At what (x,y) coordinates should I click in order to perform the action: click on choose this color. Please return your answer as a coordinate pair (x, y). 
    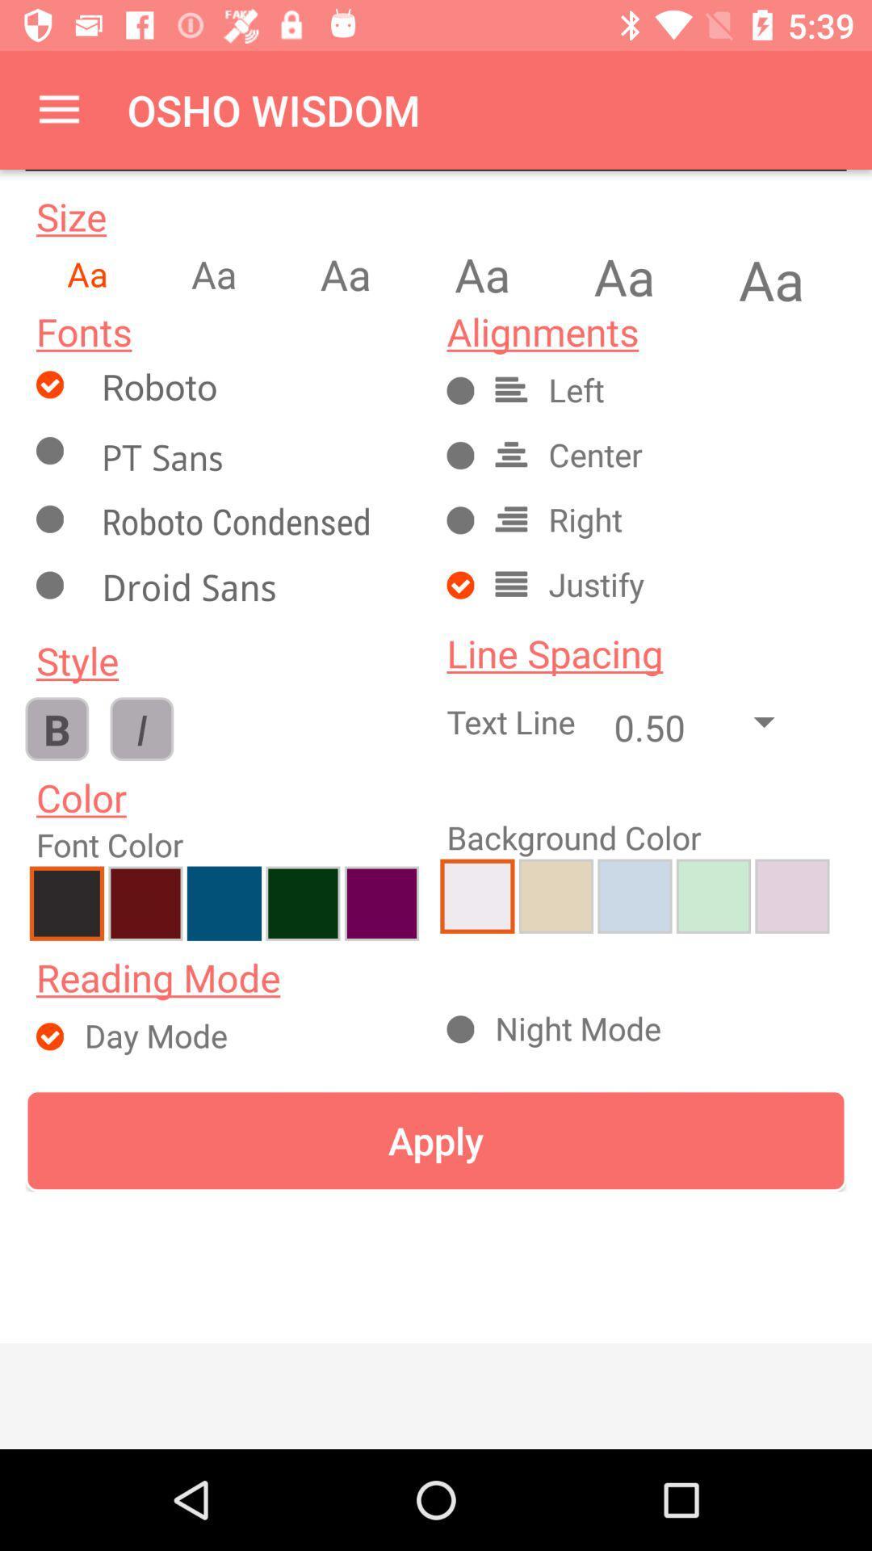
    Looking at the image, I should click on (555, 895).